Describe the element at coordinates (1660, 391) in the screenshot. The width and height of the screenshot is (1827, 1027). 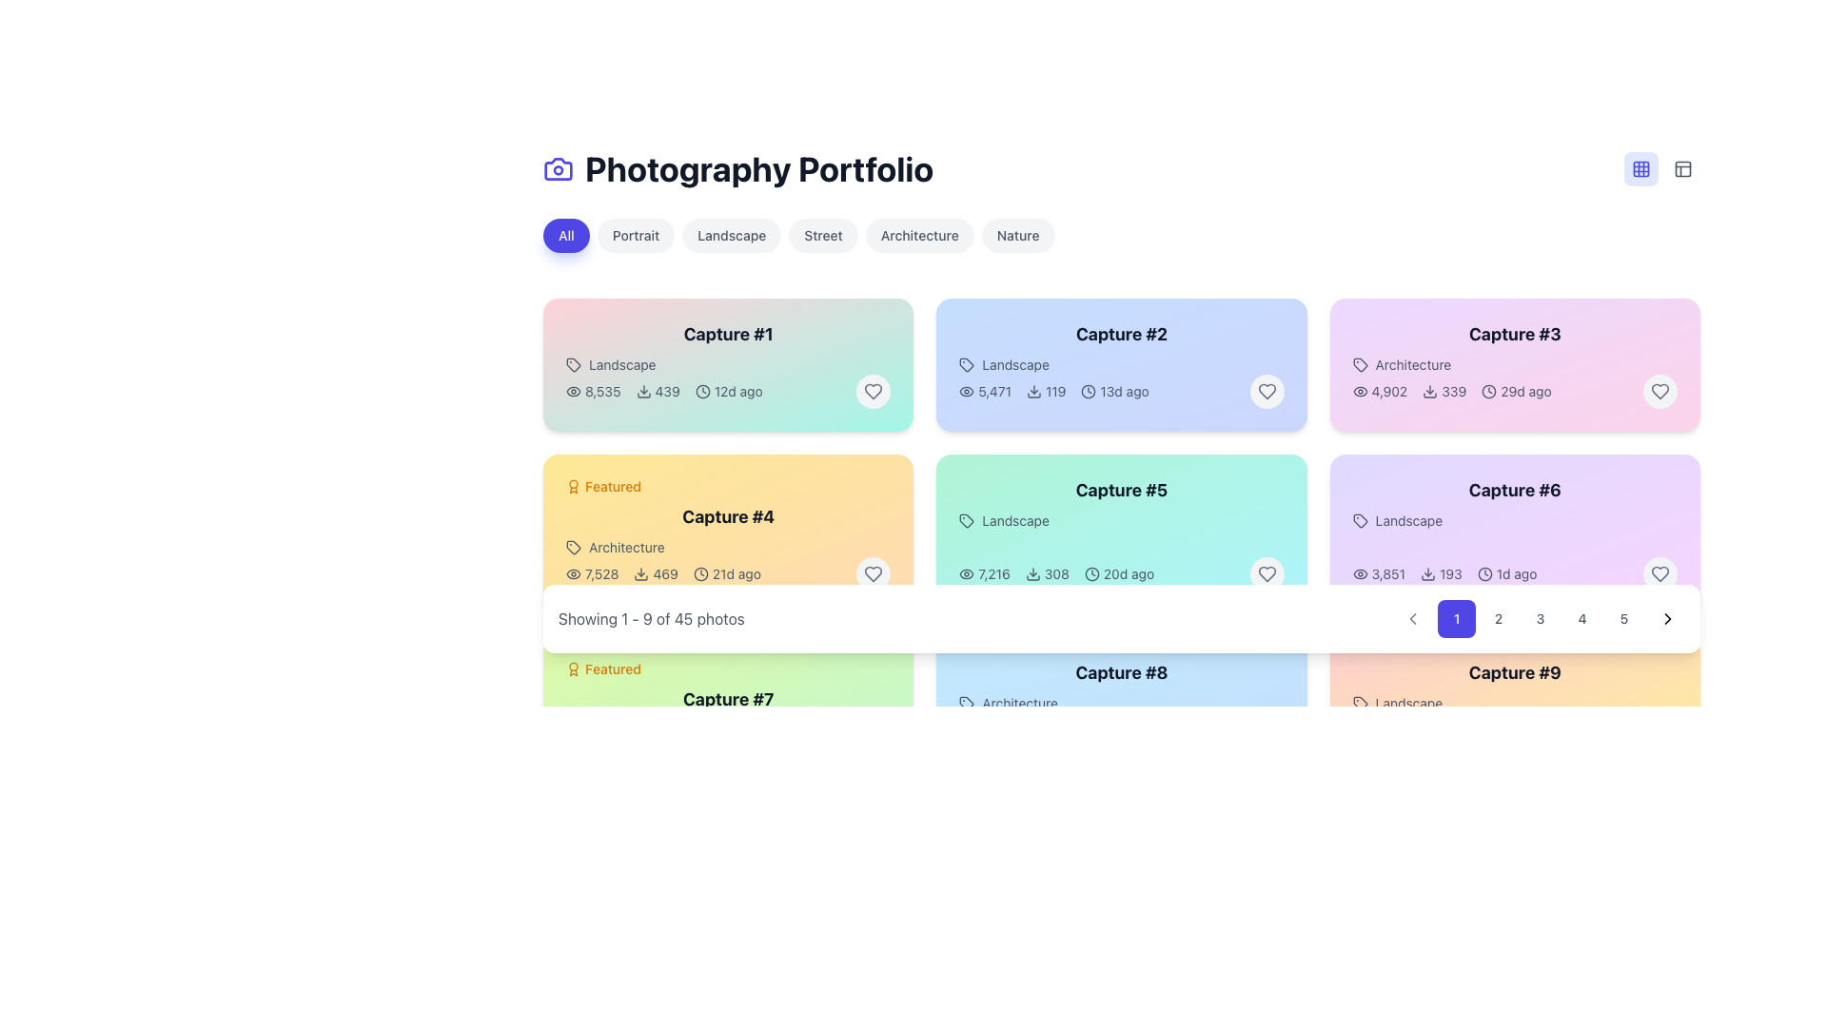
I see `the heart icon within the circular button in the top-right corner of the 'Capture #3' card to mark it as a favorite` at that location.